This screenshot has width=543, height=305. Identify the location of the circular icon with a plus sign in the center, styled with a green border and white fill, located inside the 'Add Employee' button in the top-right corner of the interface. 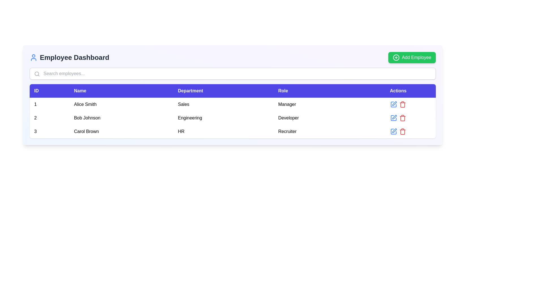
(396, 58).